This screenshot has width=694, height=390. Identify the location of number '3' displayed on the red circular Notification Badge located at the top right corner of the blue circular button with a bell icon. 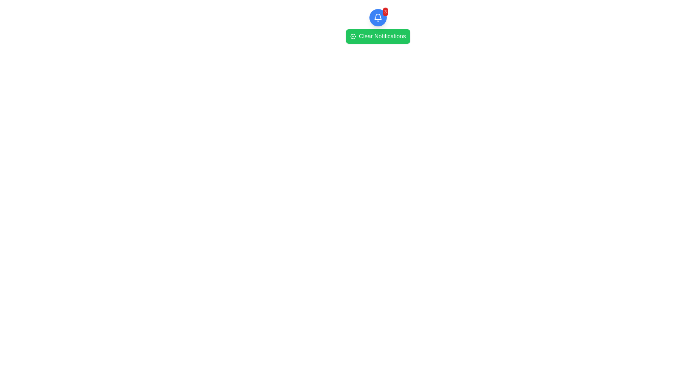
(385, 12).